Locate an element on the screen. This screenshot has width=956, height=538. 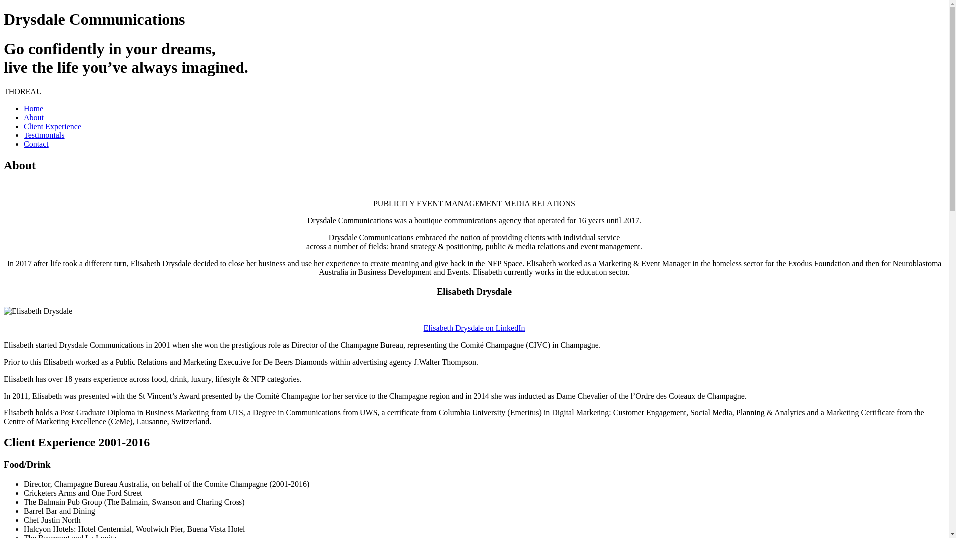
'Elisabeth Drysdale on LinkedIn' is located at coordinates (423, 328).